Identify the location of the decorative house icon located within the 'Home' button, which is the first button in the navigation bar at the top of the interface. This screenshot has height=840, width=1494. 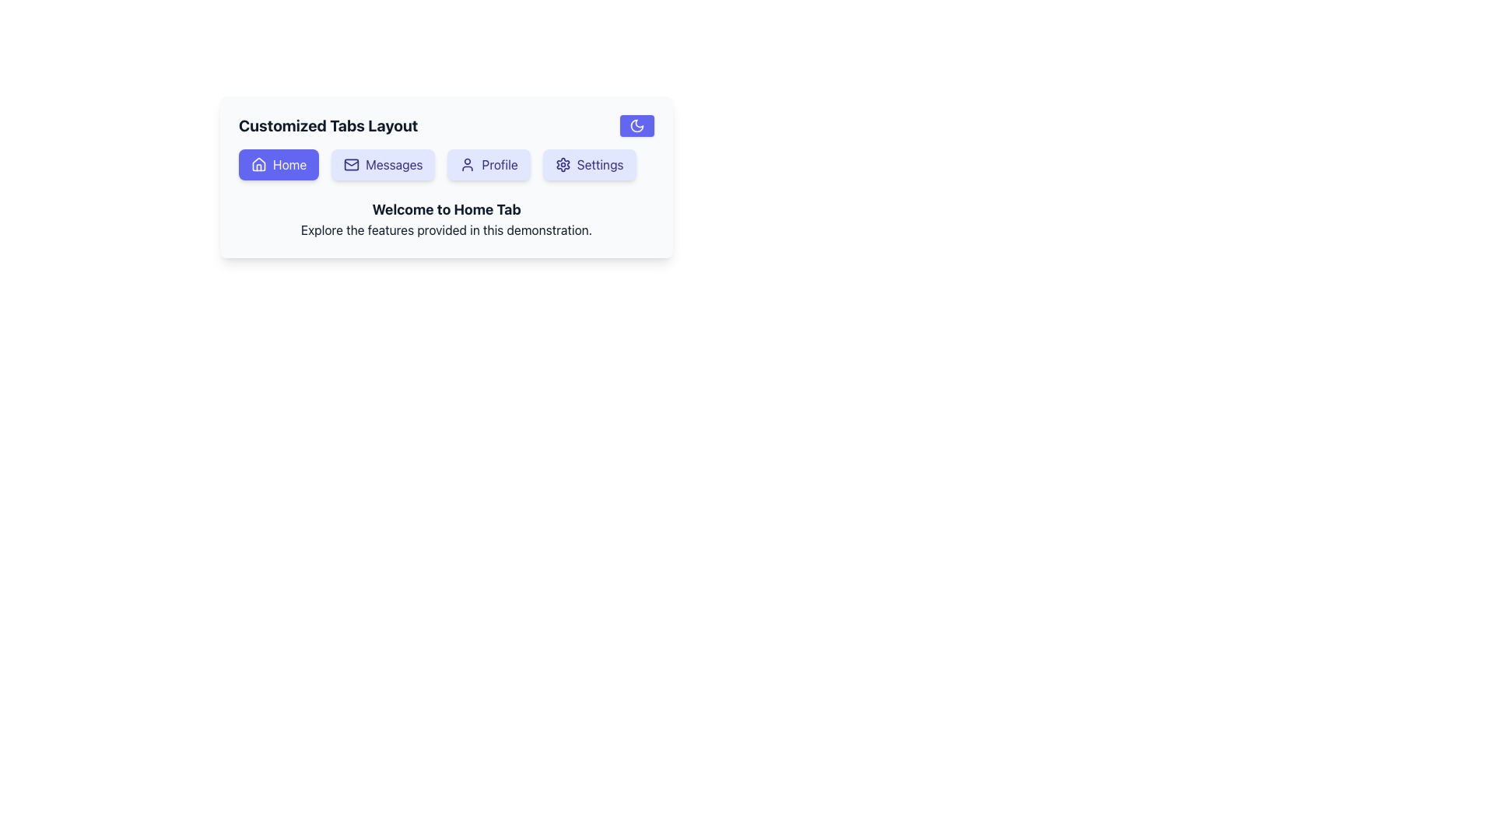
(258, 164).